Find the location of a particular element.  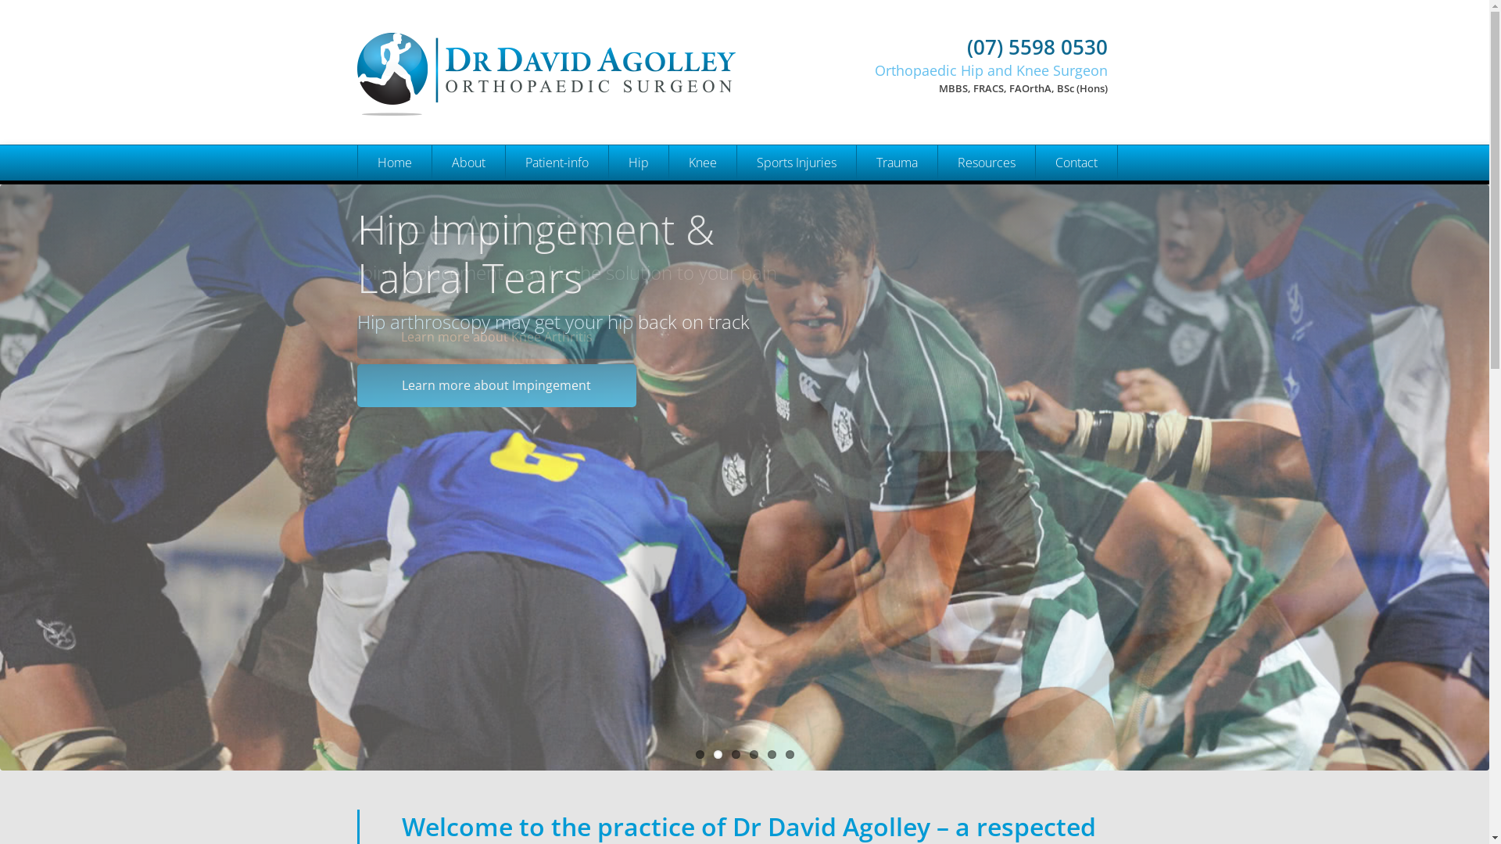

'1' is located at coordinates (699, 753).